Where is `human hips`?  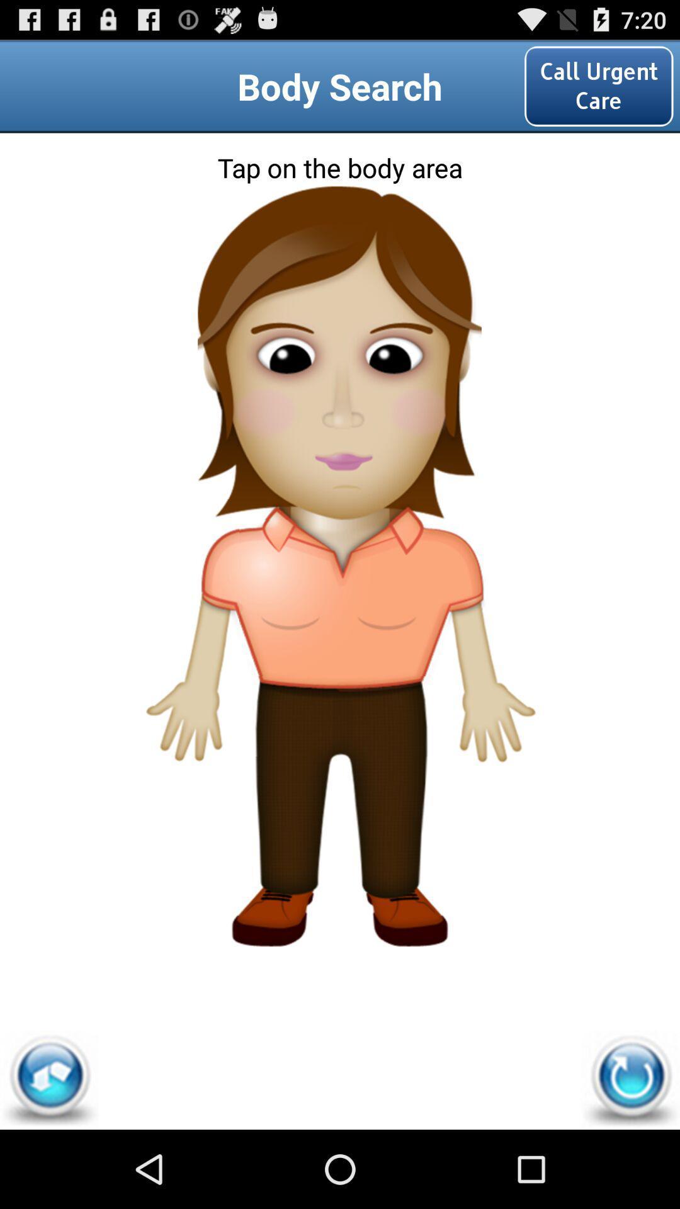
human hips is located at coordinates (339, 716).